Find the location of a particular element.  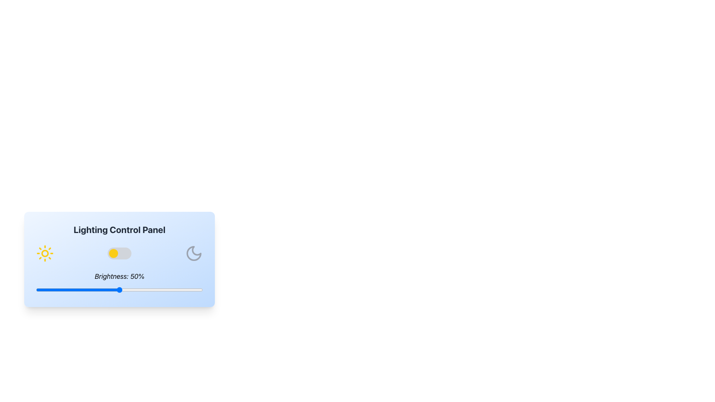

the knob of the horizontal slider control located below the 'Brightness: 50%' label in the 'Lighting Control Panel' is located at coordinates (120, 290).